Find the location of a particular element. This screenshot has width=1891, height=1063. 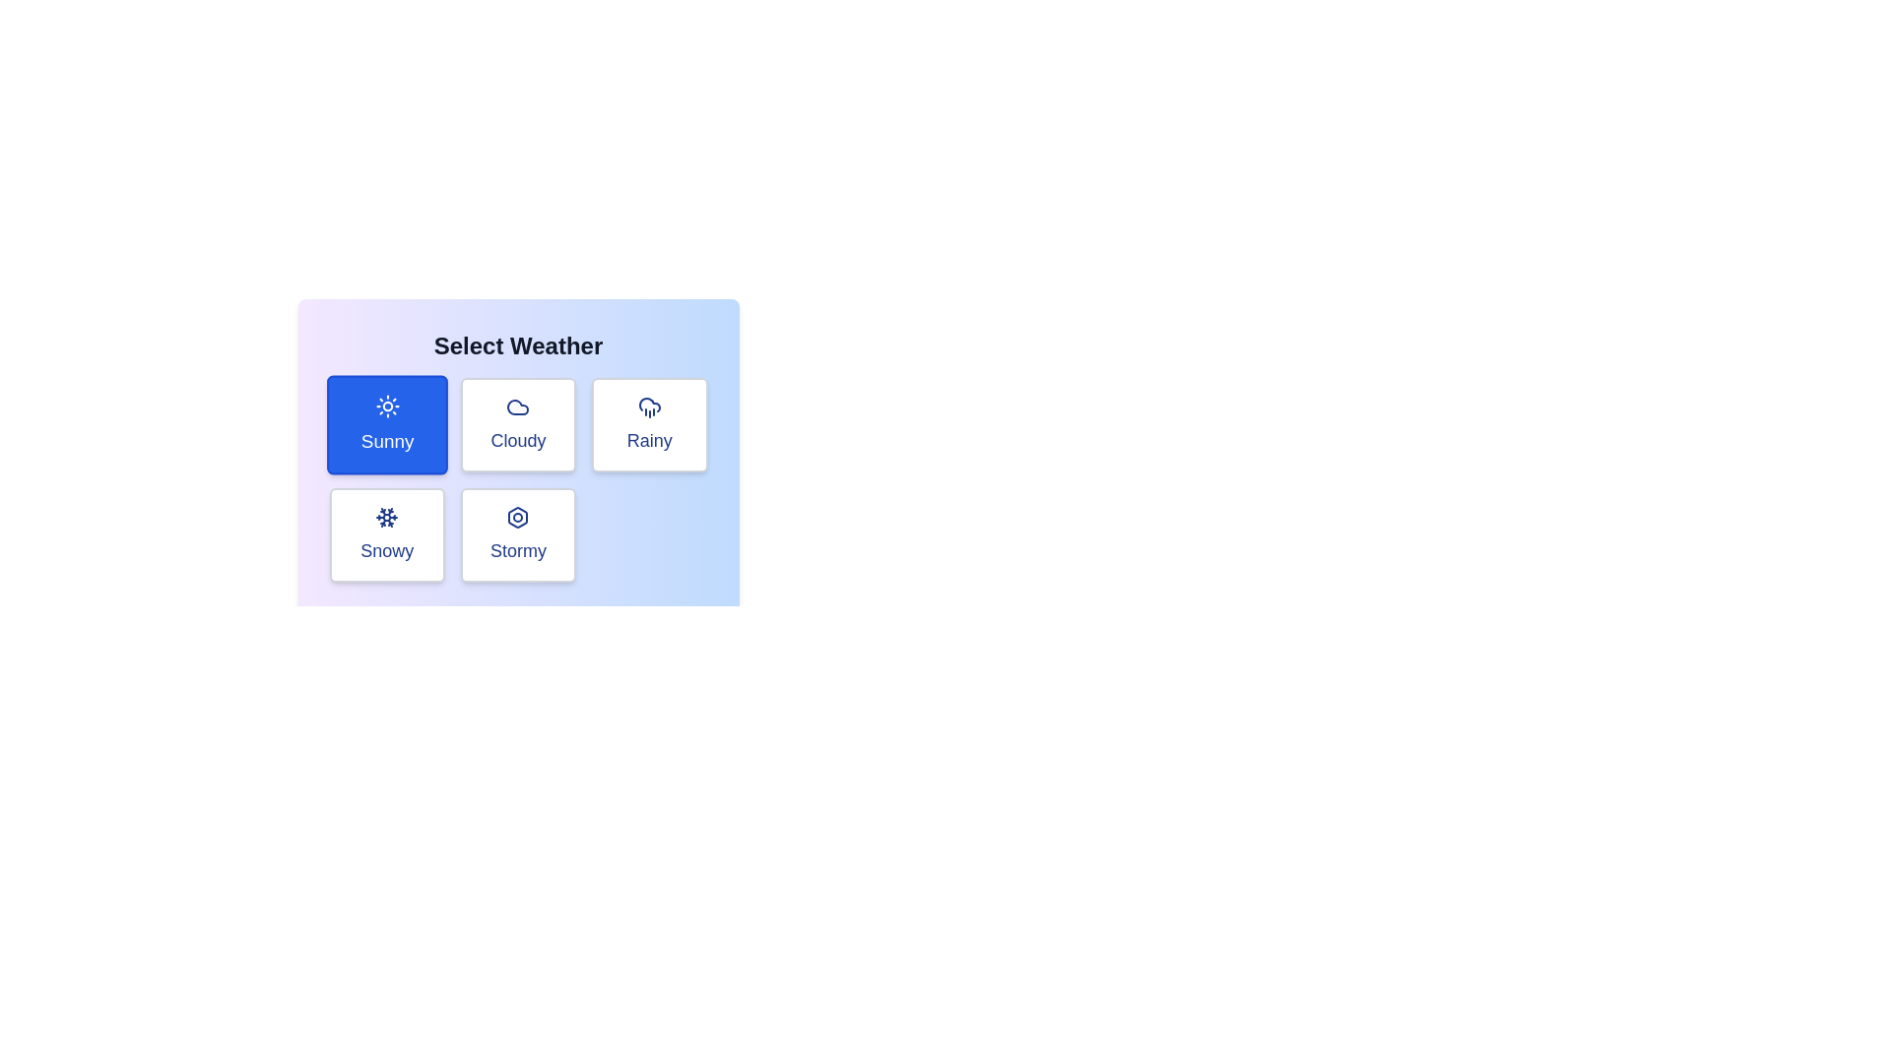

the small cloud-shaped icon outlined in a thin stroke, located in the middle of the weather option labeled 'Cloudy', positioned in the top row, second column from the left is located at coordinates (518, 406).